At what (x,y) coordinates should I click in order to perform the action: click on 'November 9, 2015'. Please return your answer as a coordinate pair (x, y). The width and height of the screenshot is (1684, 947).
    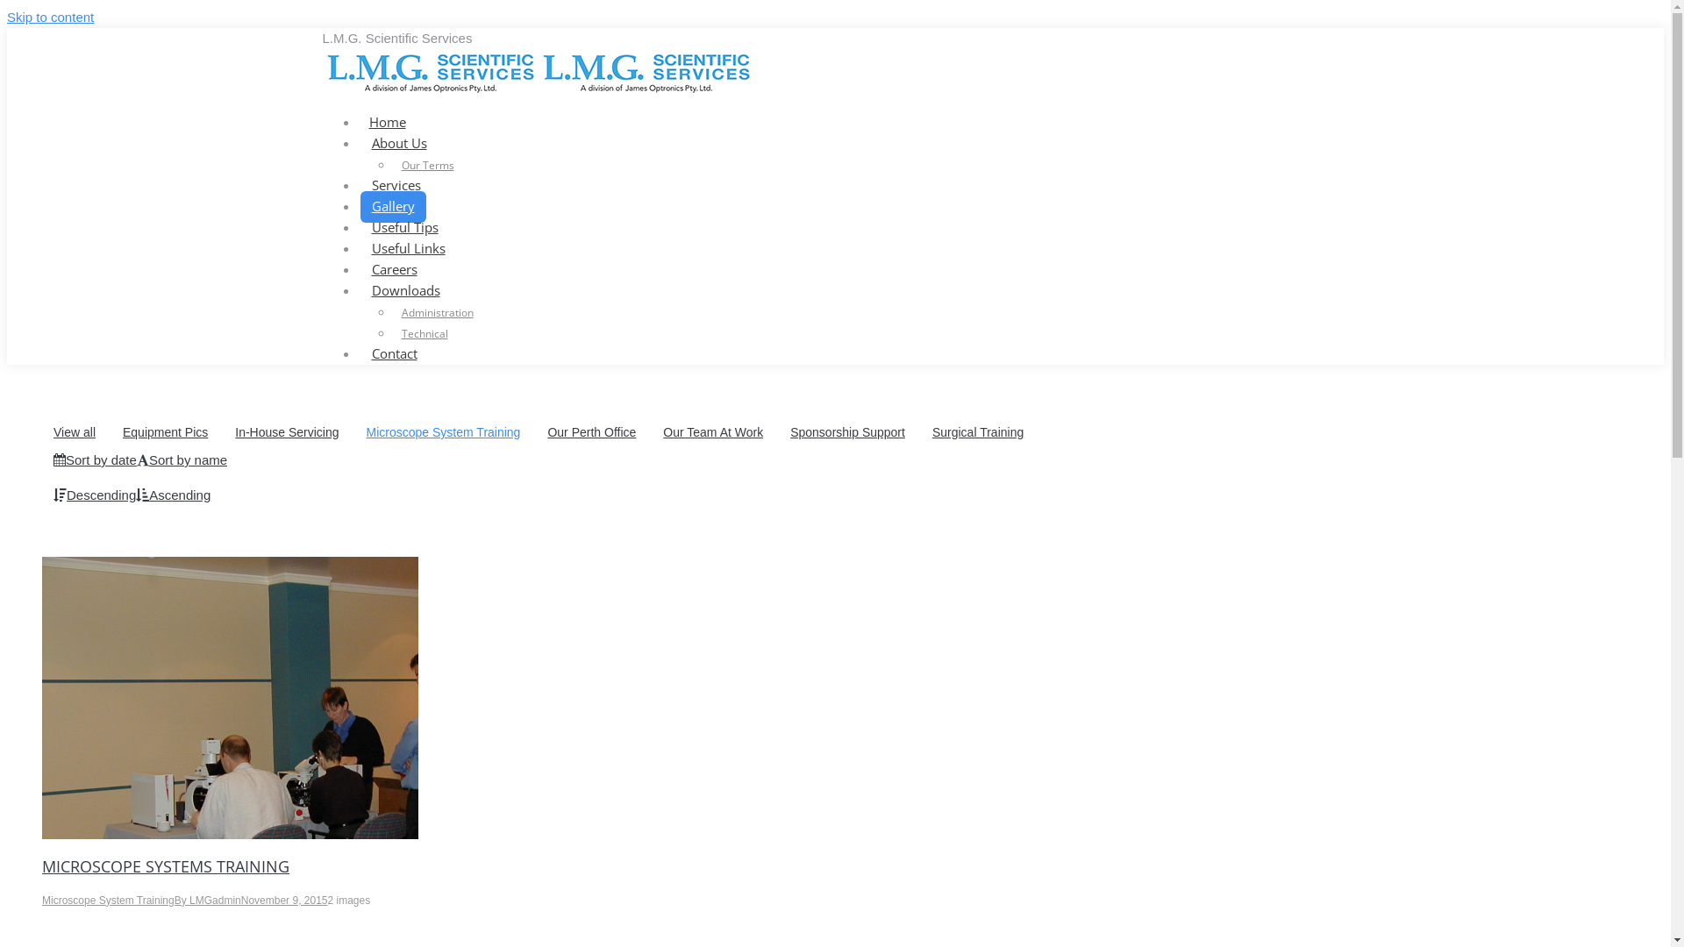
    Looking at the image, I should click on (284, 900).